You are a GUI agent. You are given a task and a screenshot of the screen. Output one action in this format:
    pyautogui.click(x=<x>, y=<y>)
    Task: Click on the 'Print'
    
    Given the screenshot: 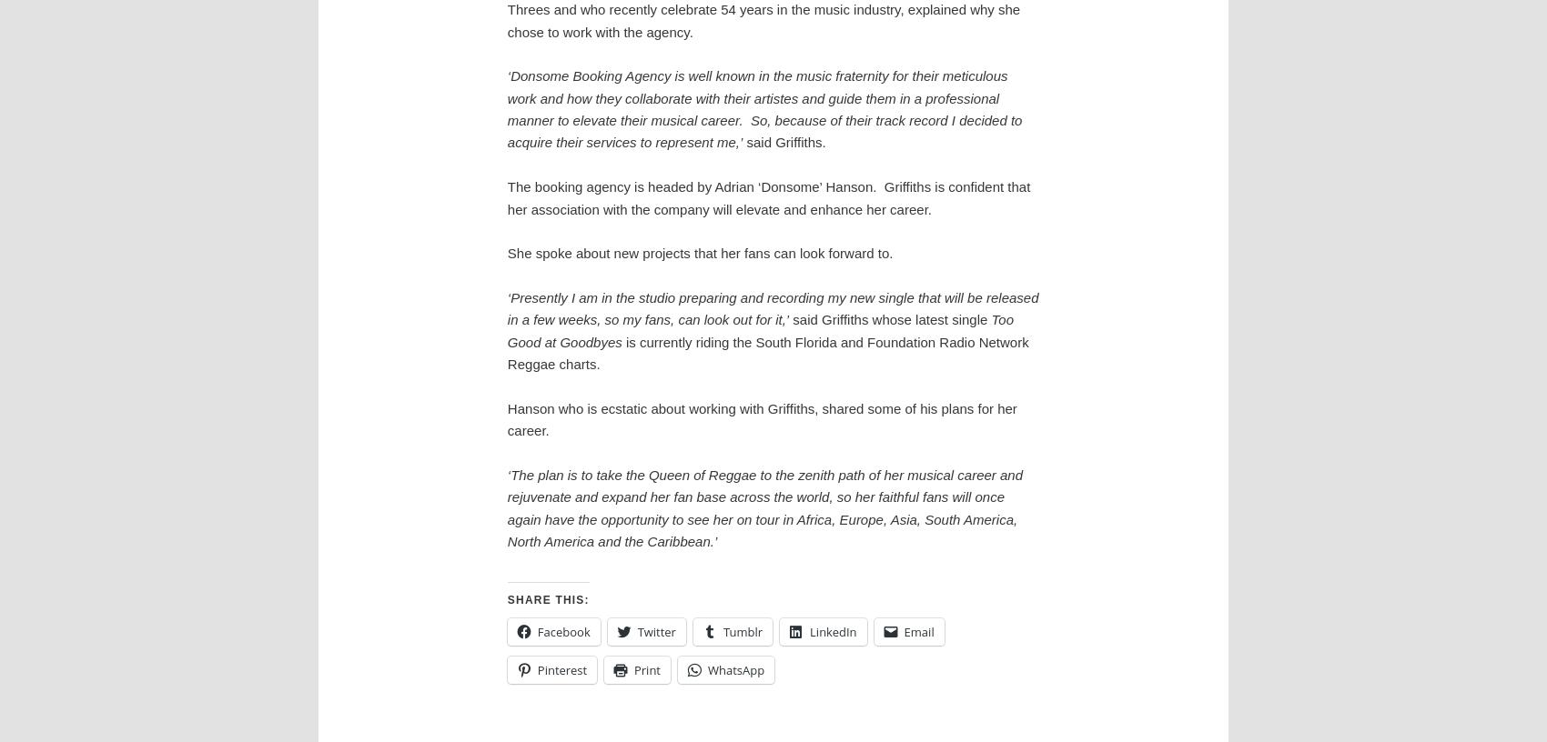 What is the action you would take?
    pyautogui.click(x=632, y=669)
    